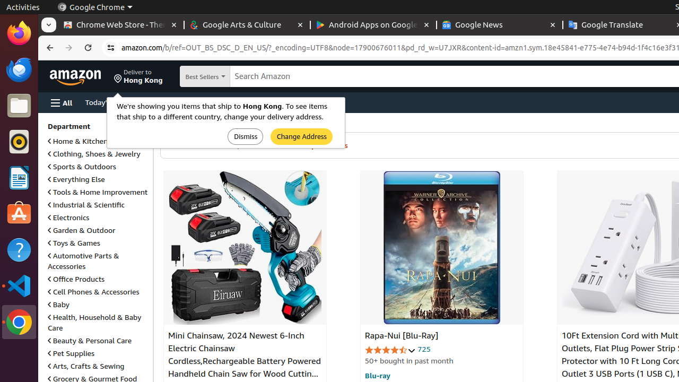 The image size is (679, 382). Describe the element at coordinates (90, 340) in the screenshot. I see `'Beauty & Personal Care'` at that location.